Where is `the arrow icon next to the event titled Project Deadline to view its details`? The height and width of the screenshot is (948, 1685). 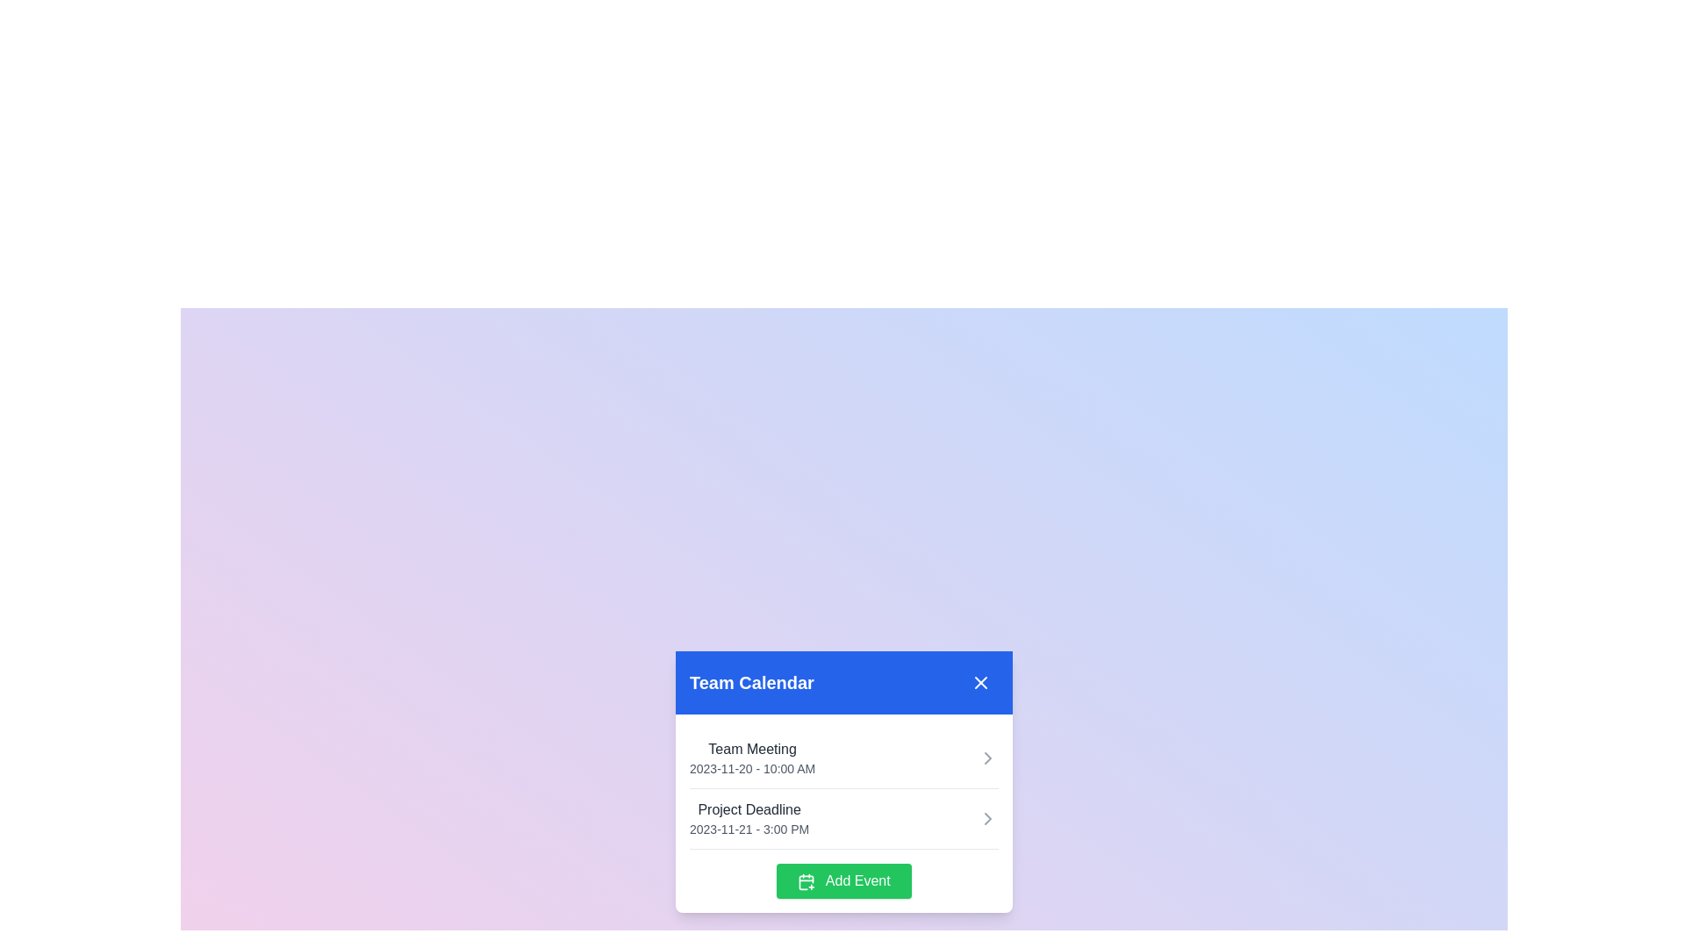
the arrow icon next to the event titled Project Deadline to view its details is located at coordinates (988, 819).